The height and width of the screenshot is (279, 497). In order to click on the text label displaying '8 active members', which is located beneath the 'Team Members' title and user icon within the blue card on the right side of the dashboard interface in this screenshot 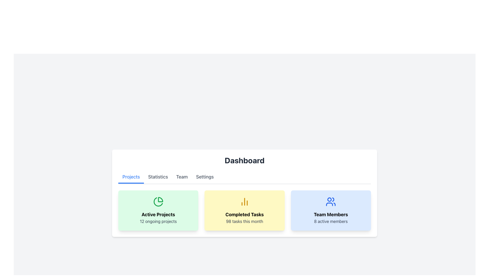, I will do `click(331, 221)`.